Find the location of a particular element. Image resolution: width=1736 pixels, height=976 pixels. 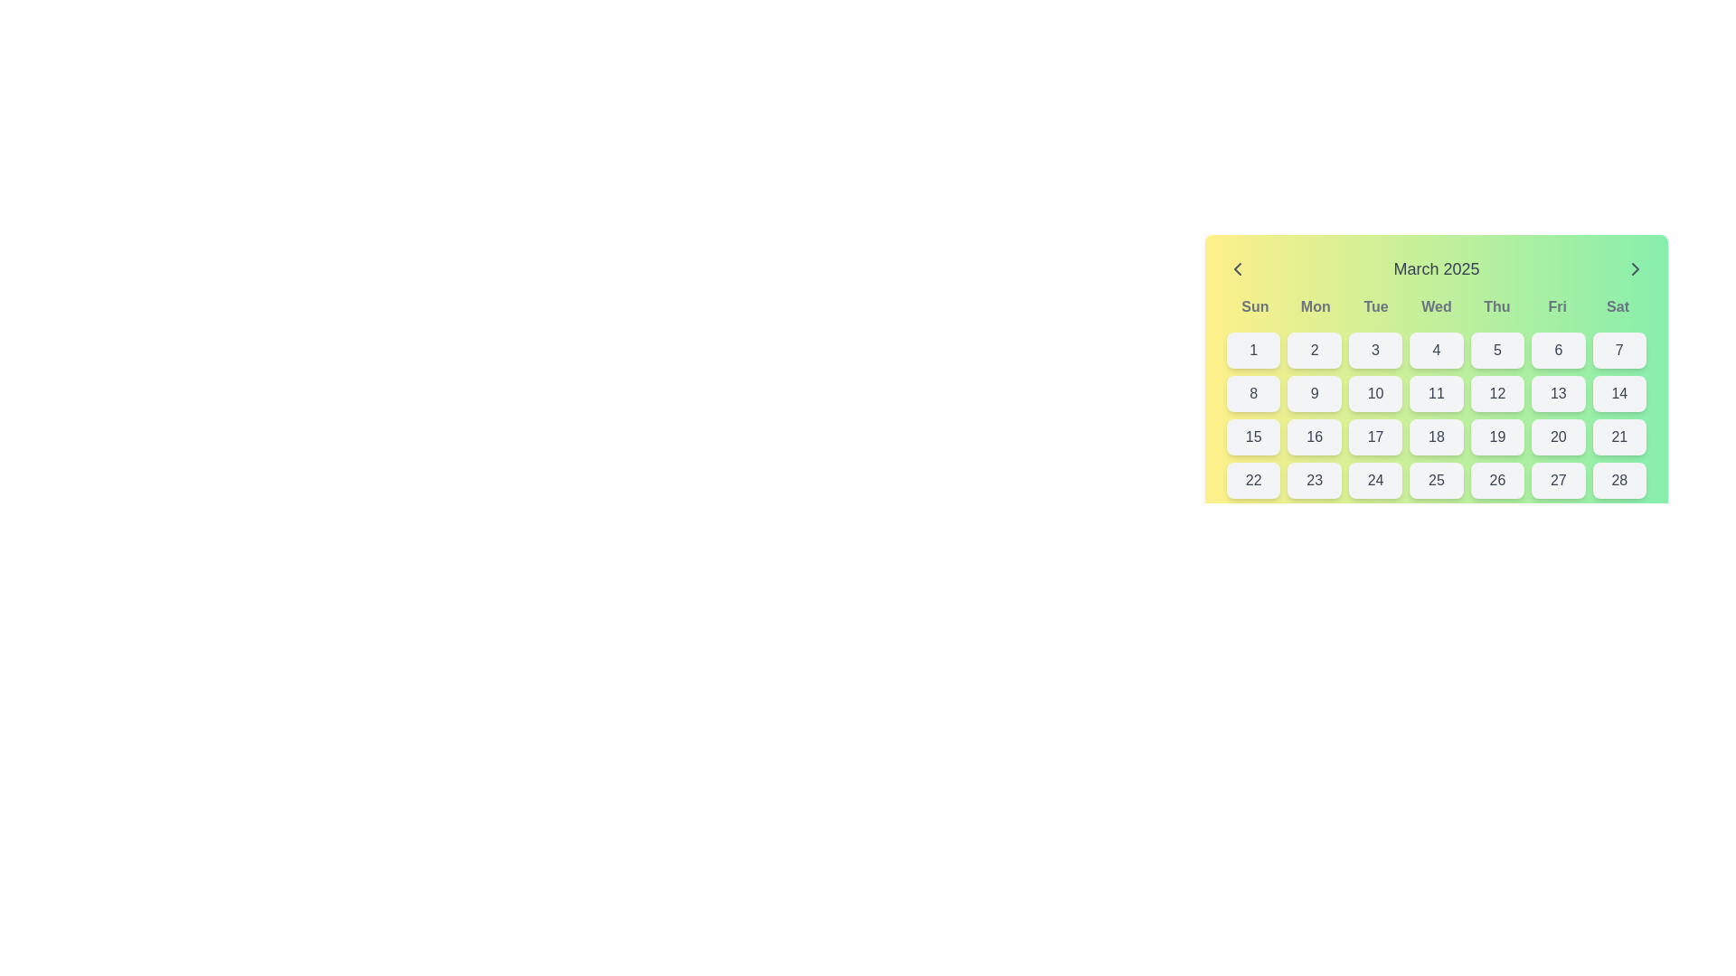

the square button with a light gray background and rounded corners, containing the number '16' centered in bold, dark text is located at coordinates (1315, 436).